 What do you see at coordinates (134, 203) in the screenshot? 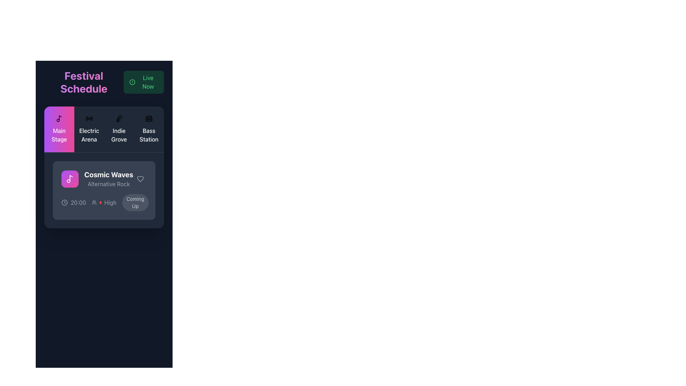
I see `text description of the label located in the last column of the card-like section under the 'Main Stage' tab, positioned below the '20:00' label and to the right of the 'High' badge` at bounding box center [134, 203].